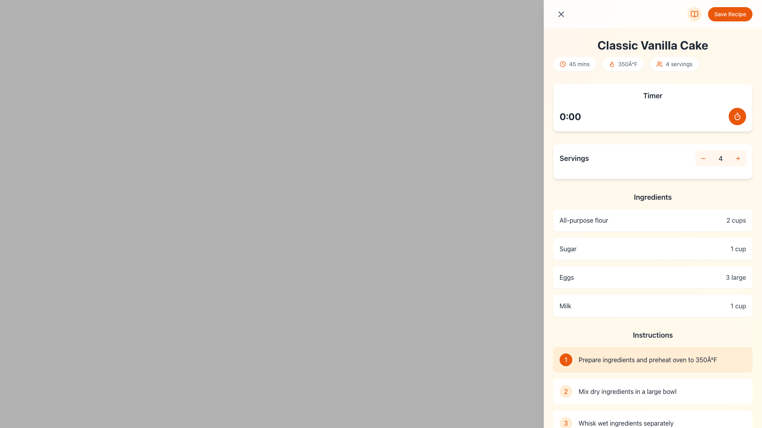 This screenshot has height=428, width=762. I want to click on the central circular part of the timer icon, which is located on the right side of the 'Timer' section beneath the 'Classic Vanilla Cake' heading, so click(737, 117).